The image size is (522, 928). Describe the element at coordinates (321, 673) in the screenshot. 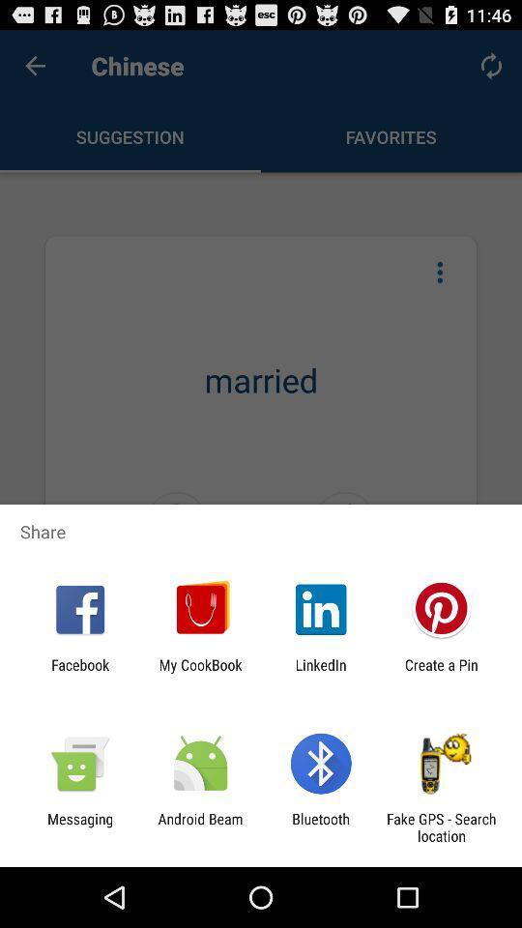

I see `icon to the right of the my cookbook app` at that location.